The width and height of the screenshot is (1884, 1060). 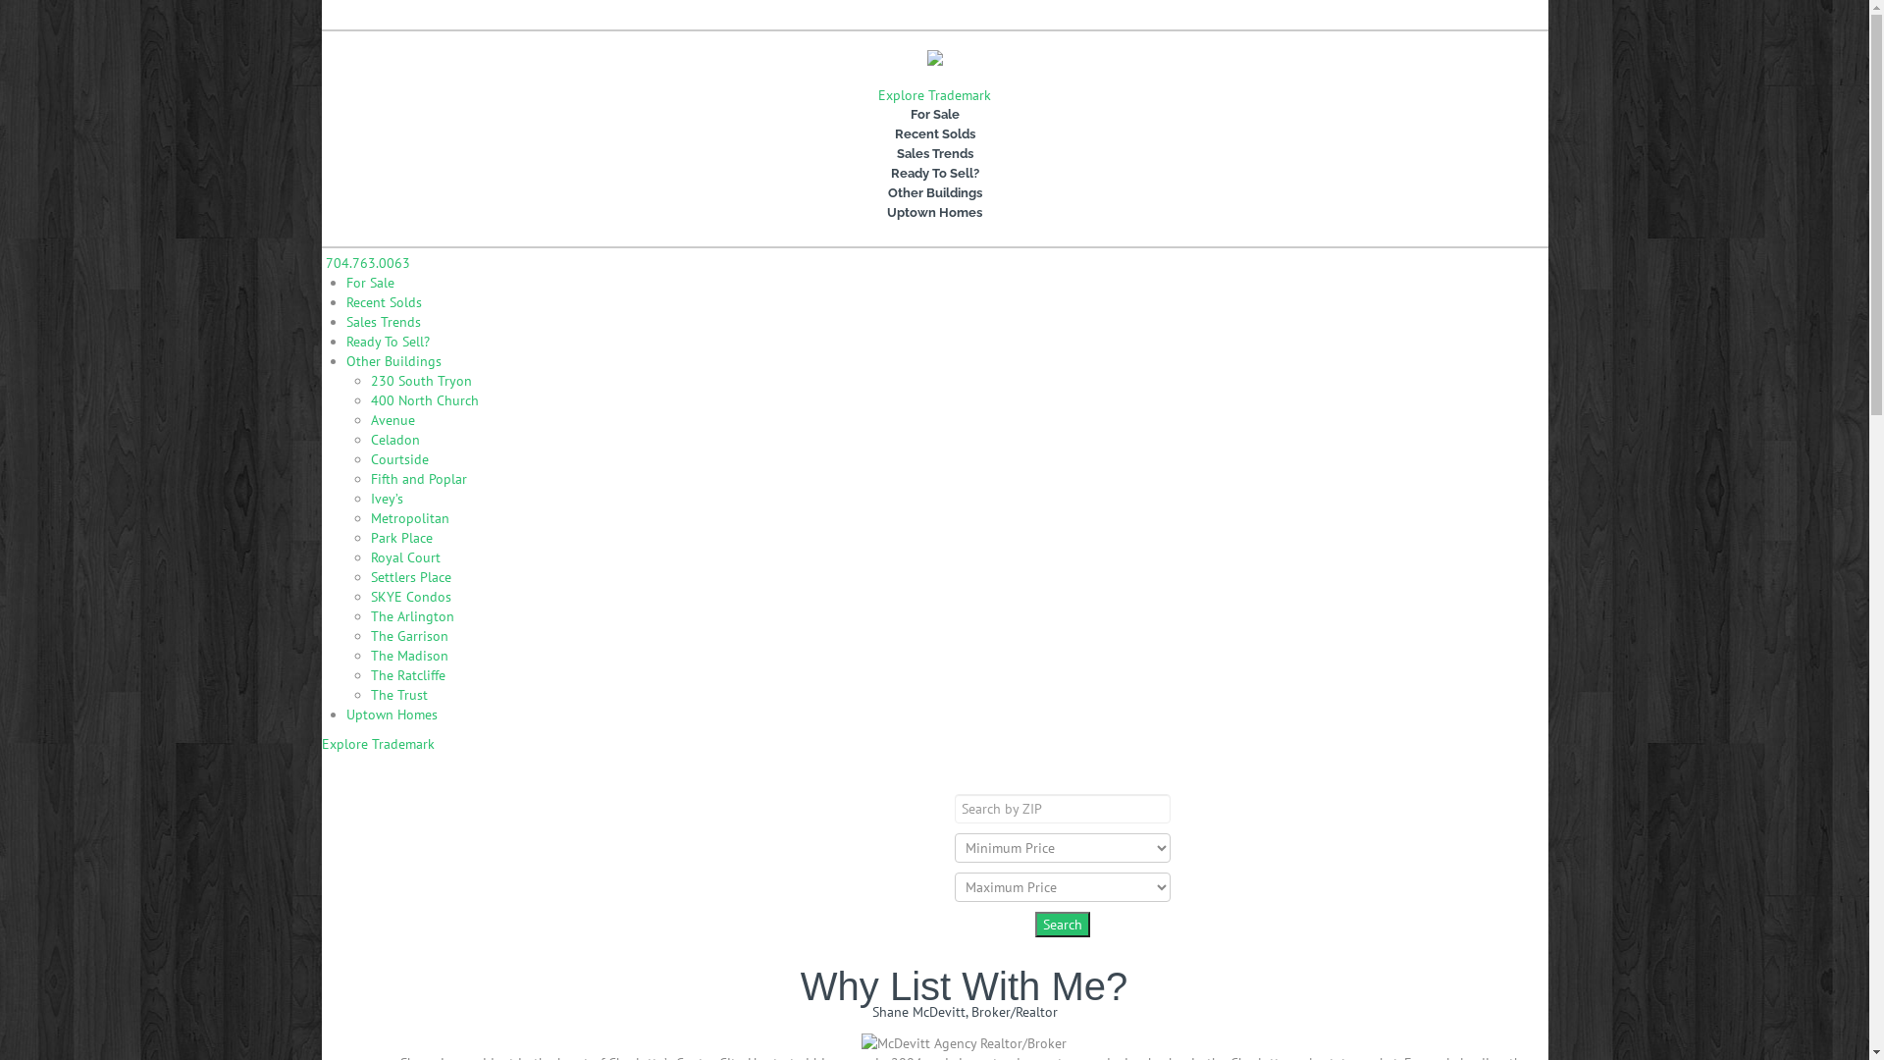 What do you see at coordinates (404, 556) in the screenshot?
I see `'Royal Court'` at bounding box center [404, 556].